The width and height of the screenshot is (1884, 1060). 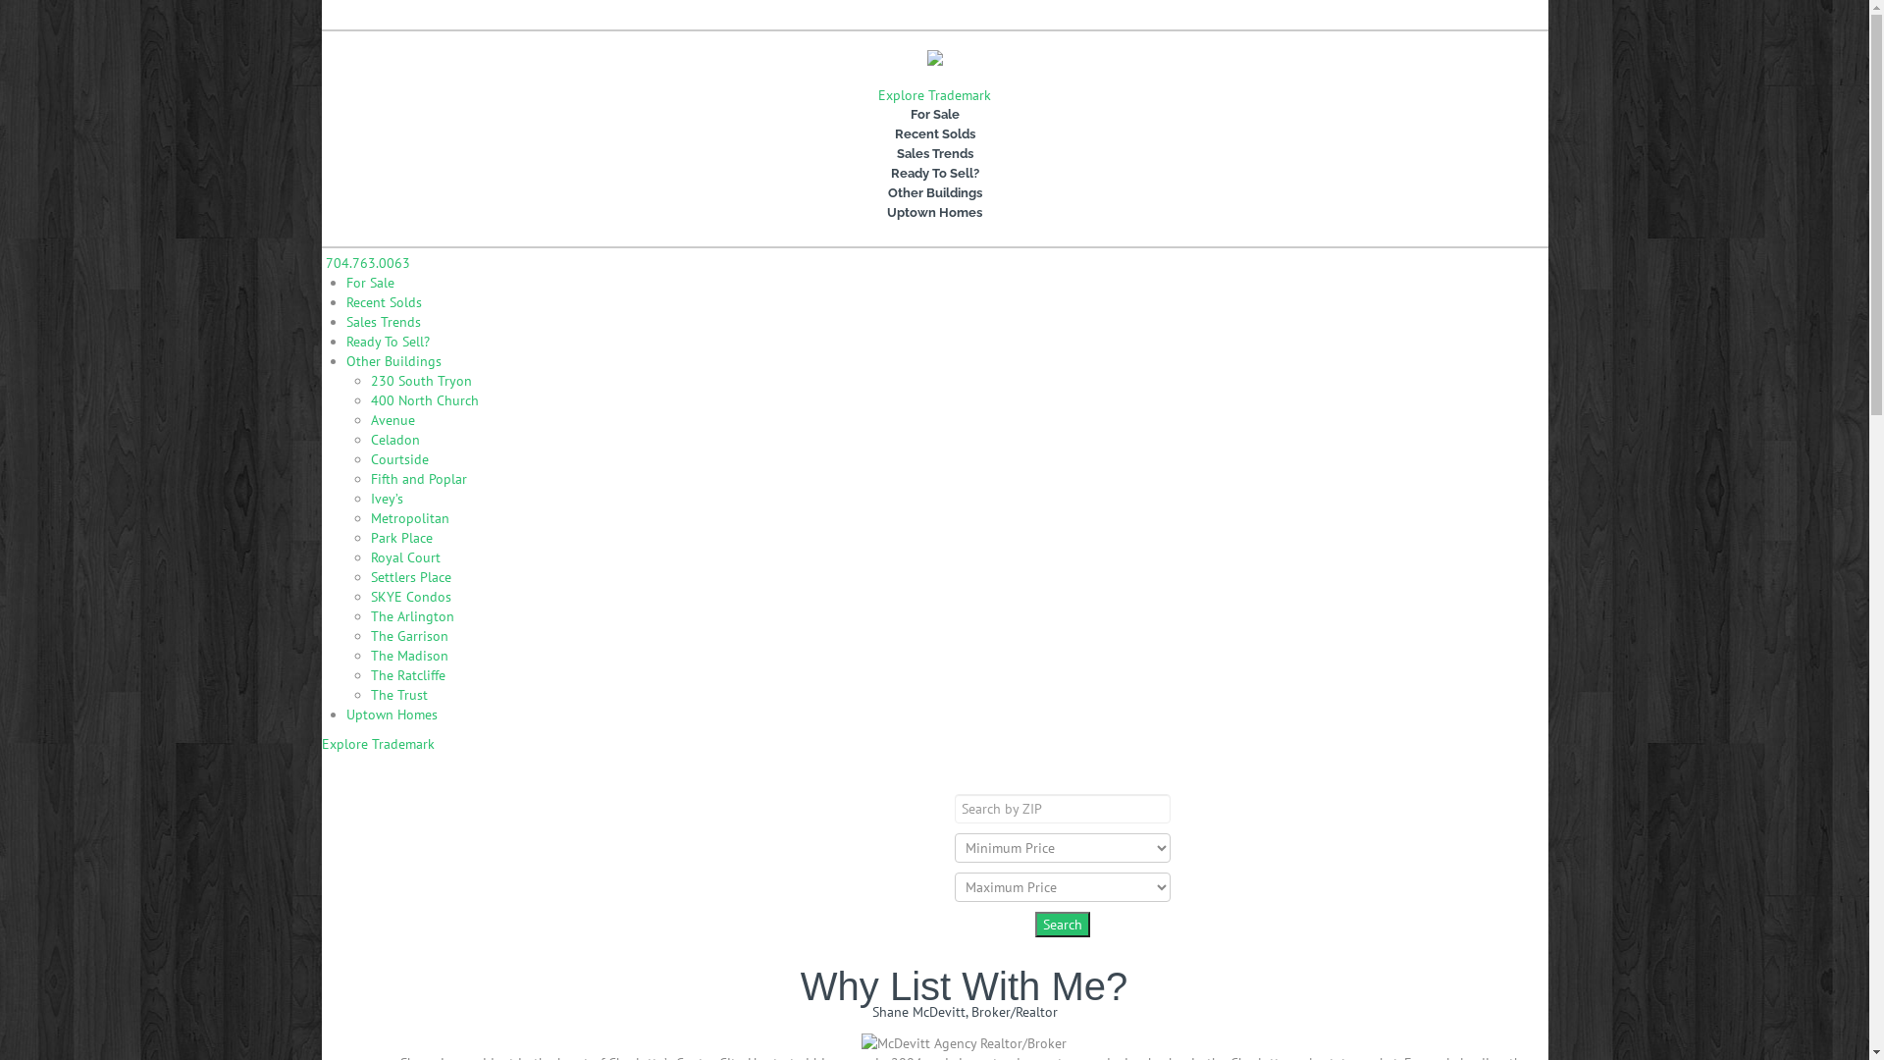 What do you see at coordinates (404, 556) in the screenshot?
I see `'Royal Court'` at bounding box center [404, 556].